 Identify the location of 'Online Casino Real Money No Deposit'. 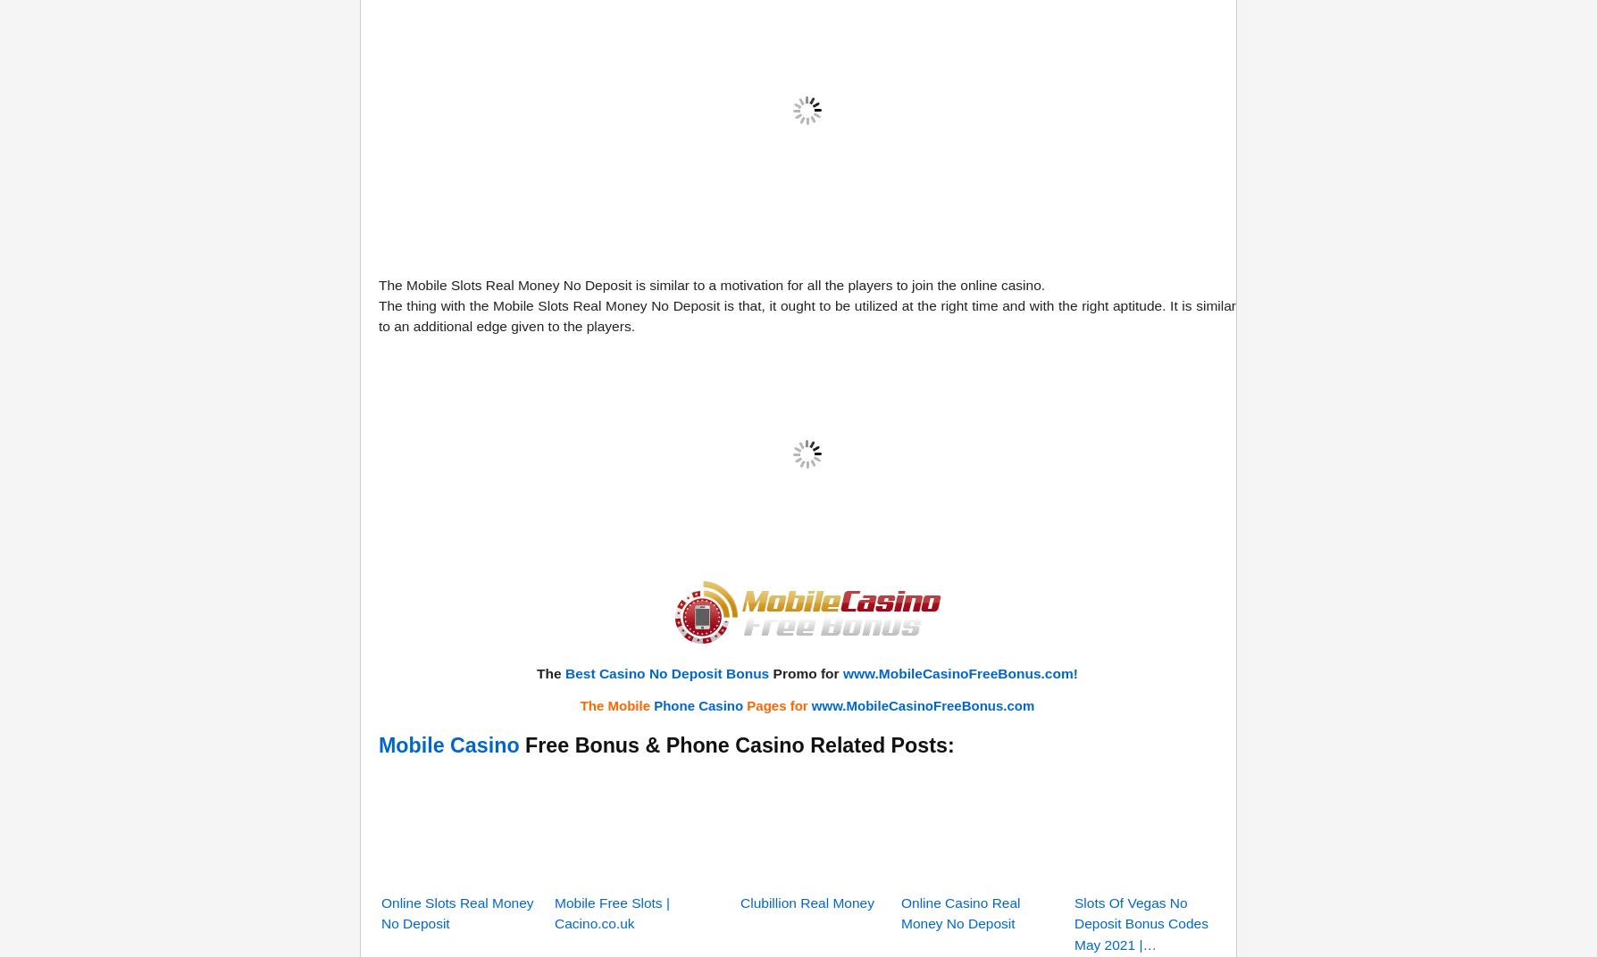
(960, 688).